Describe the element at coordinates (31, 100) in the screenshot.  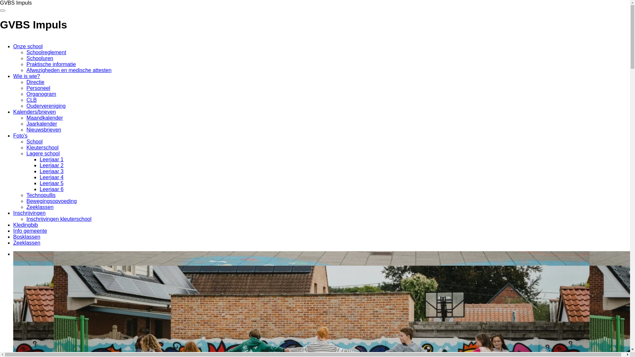
I see `'CLB'` at that location.